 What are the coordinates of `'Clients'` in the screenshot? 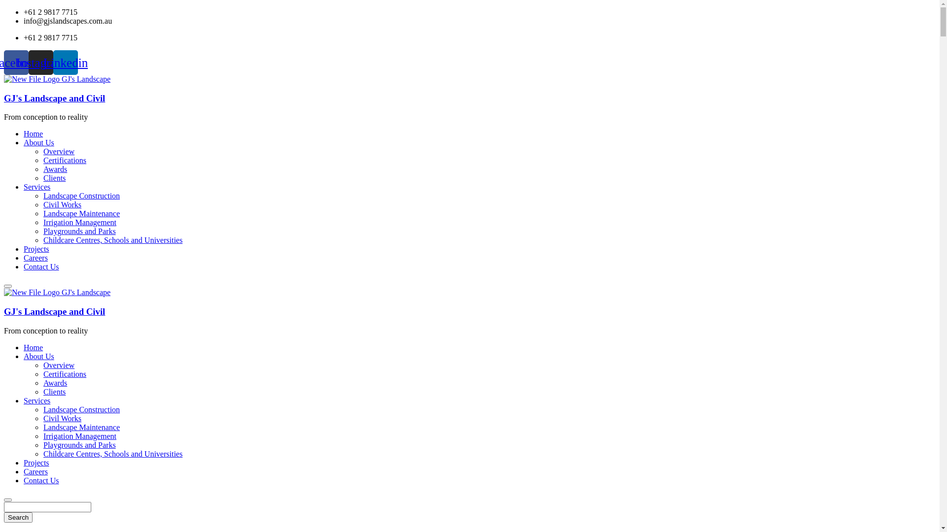 It's located at (42, 178).